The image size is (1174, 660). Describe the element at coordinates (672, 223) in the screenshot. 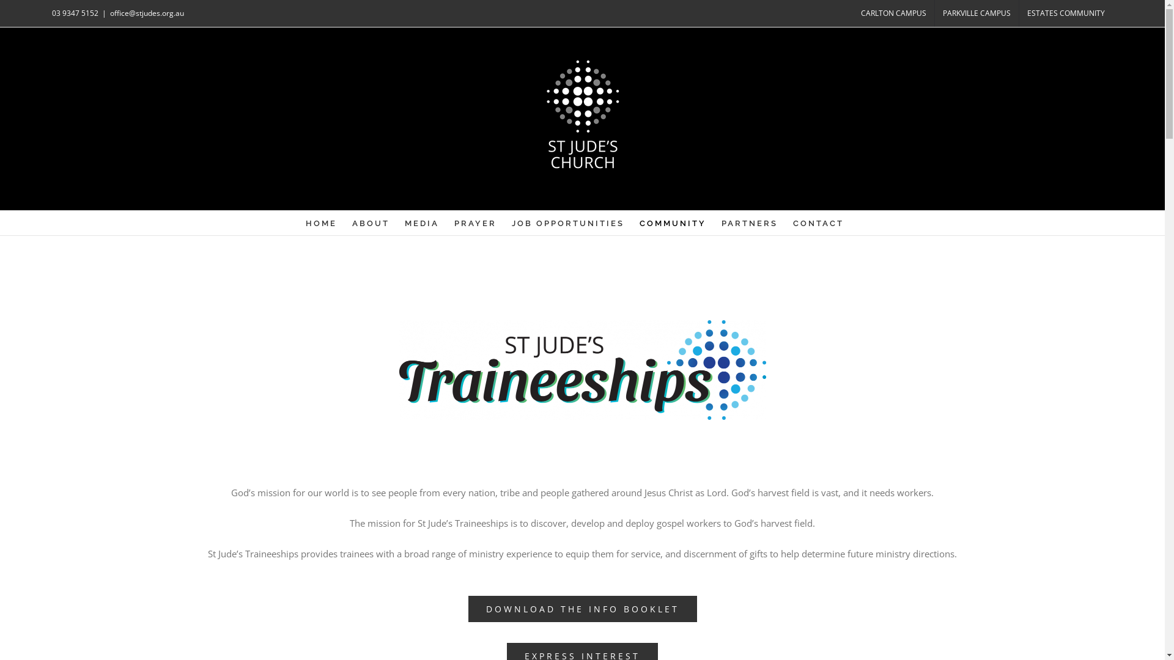

I see `'COMMUNITY'` at that location.